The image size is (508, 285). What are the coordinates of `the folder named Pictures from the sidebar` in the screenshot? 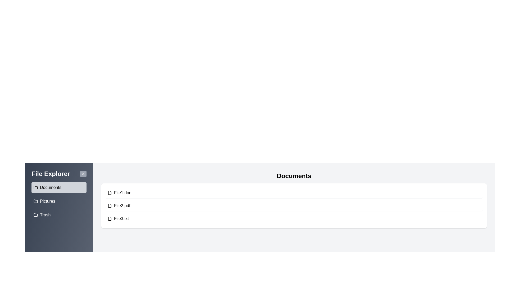 It's located at (59, 201).